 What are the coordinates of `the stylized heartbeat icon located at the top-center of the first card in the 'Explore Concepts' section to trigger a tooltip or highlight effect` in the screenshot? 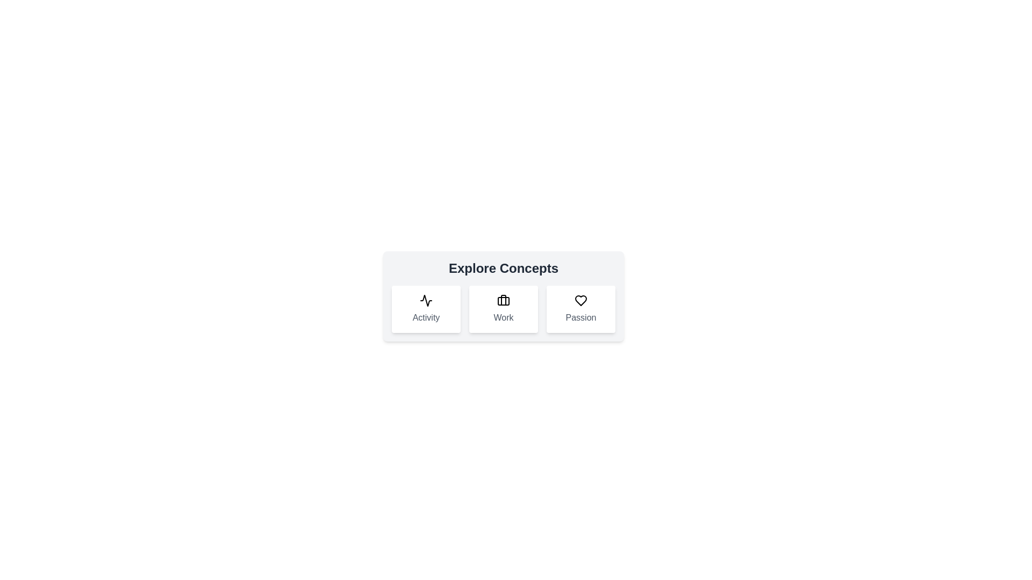 It's located at (425, 300).